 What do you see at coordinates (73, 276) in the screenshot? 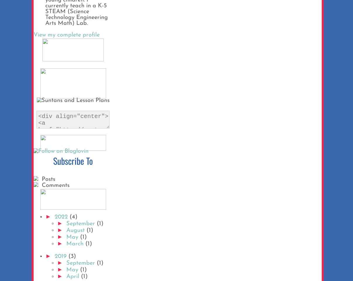
I see `'April'` at bounding box center [73, 276].